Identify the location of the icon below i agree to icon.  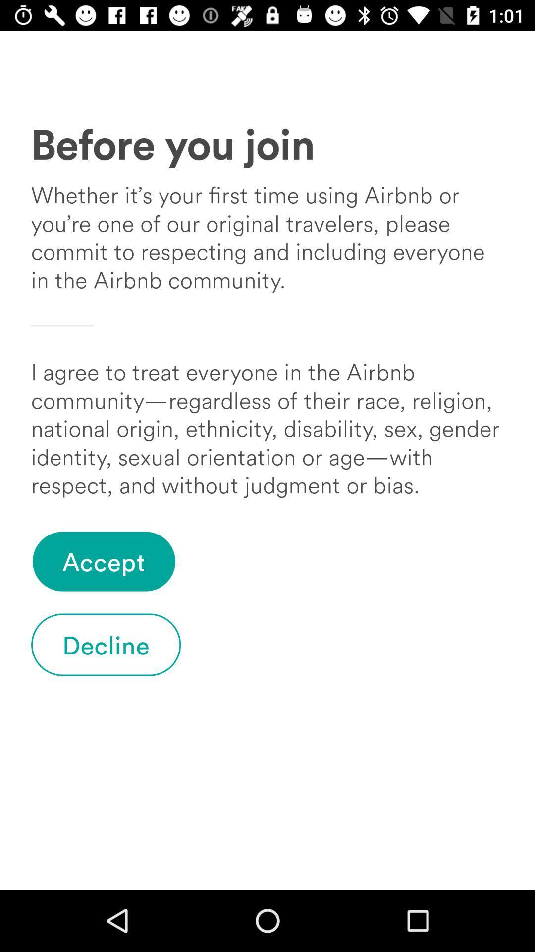
(104, 561).